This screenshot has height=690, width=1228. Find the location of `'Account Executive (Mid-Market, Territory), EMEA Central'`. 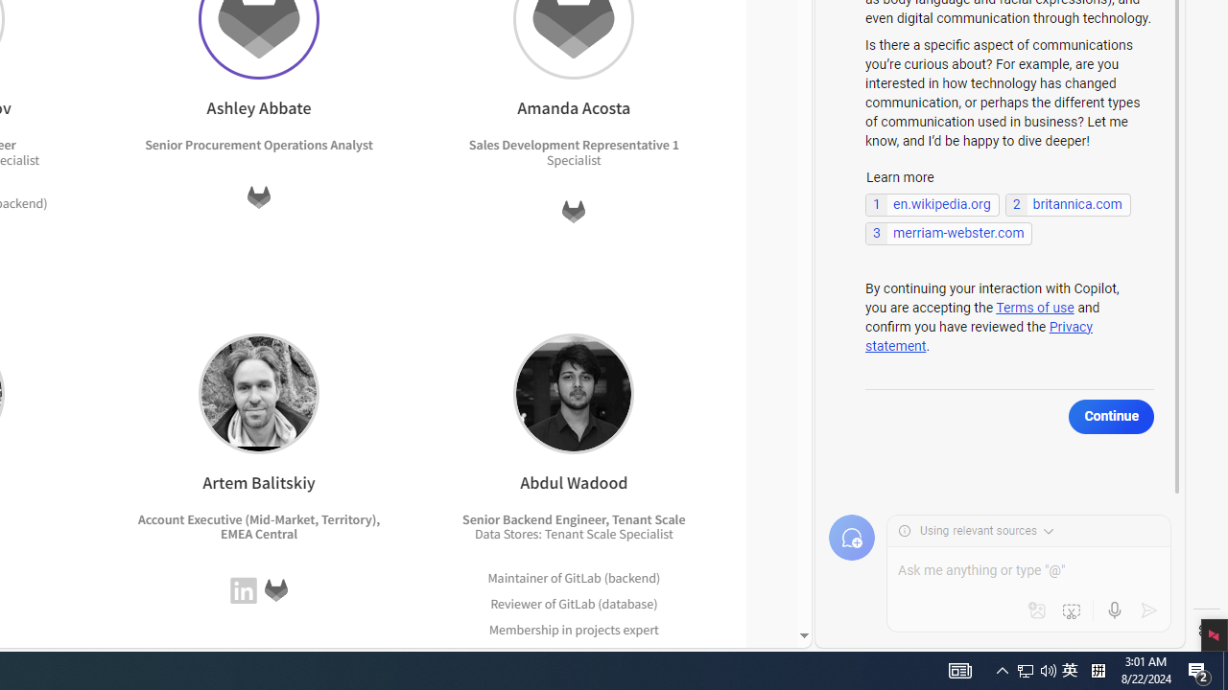

'Account Executive (Mid-Market, Territory), EMEA Central' is located at coordinates (258, 526).